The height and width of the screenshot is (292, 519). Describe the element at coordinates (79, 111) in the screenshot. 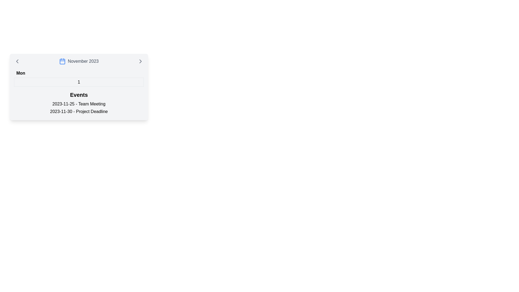

I see `the text label that indicates the project deadline, which is the second item in a list of events positioned in the center-right` at that location.